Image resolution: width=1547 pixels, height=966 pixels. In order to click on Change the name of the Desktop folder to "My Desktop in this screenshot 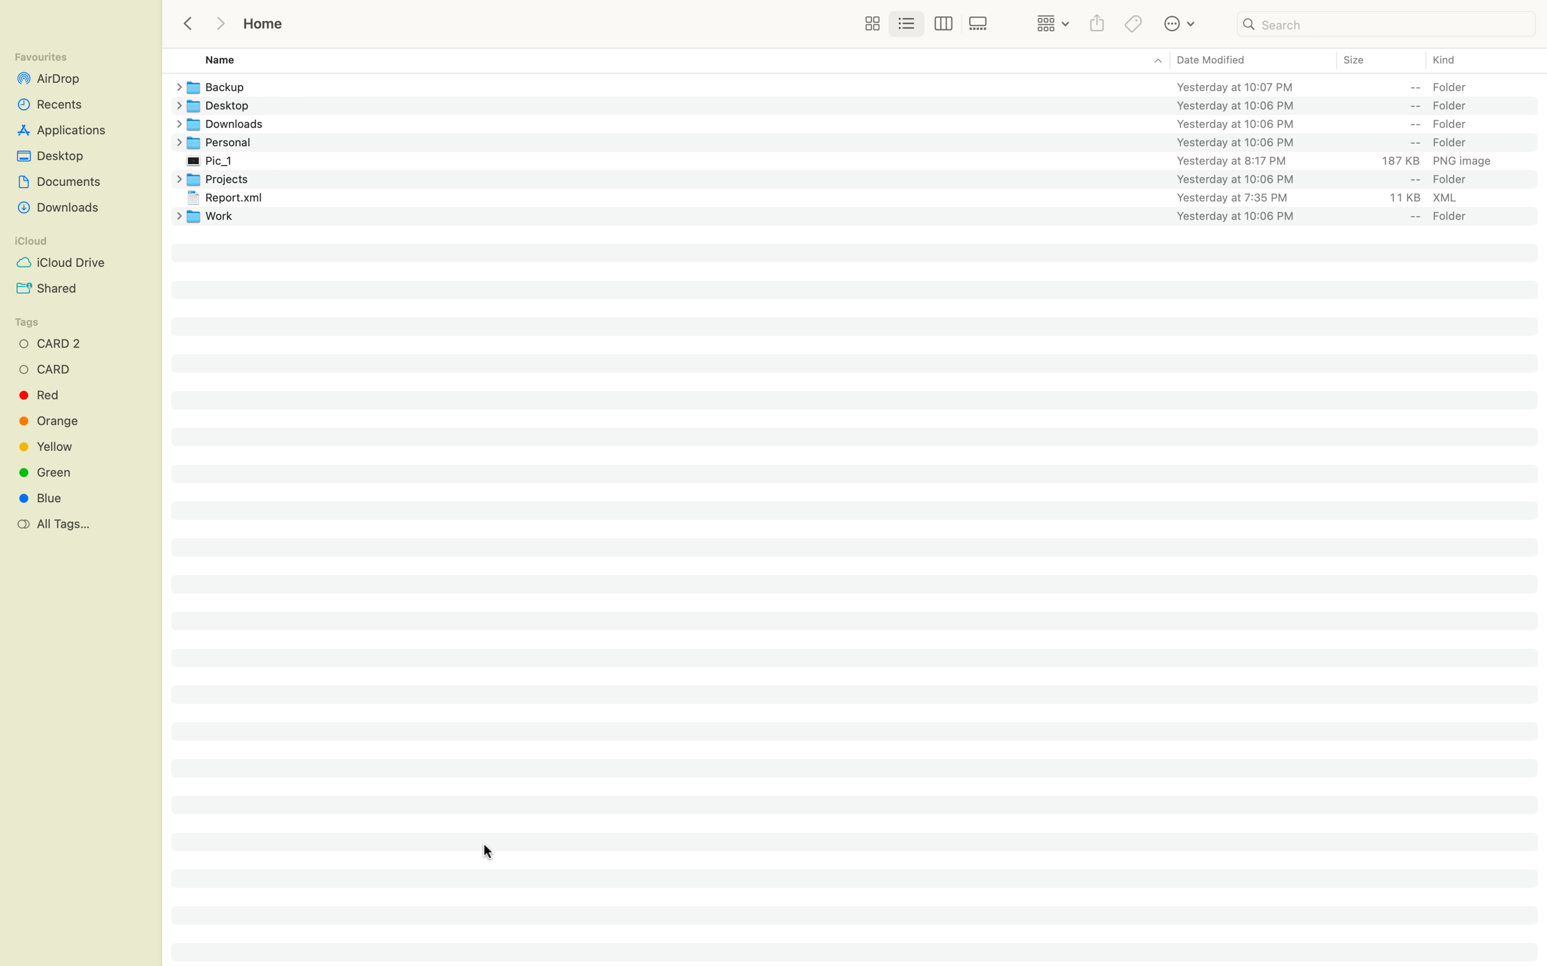, I will do `click(865, 104)`.